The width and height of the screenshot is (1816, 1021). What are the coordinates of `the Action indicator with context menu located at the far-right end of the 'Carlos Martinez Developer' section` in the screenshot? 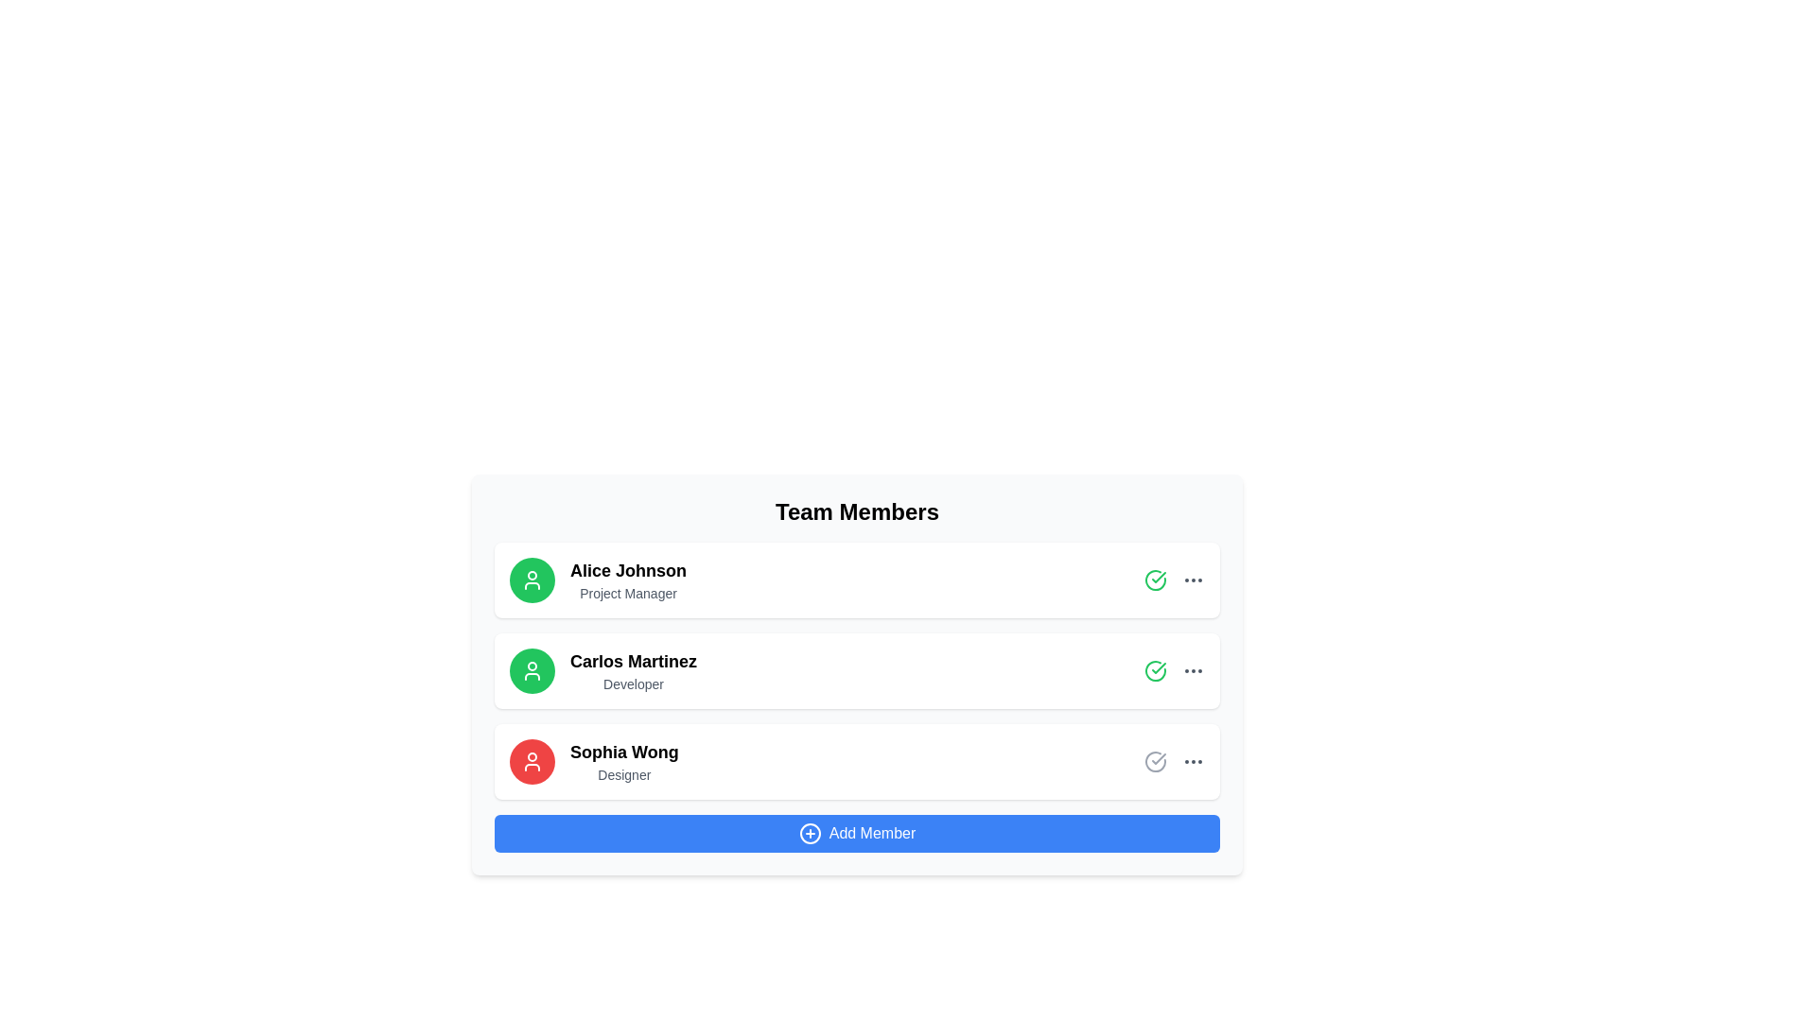 It's located at (1174, 669).